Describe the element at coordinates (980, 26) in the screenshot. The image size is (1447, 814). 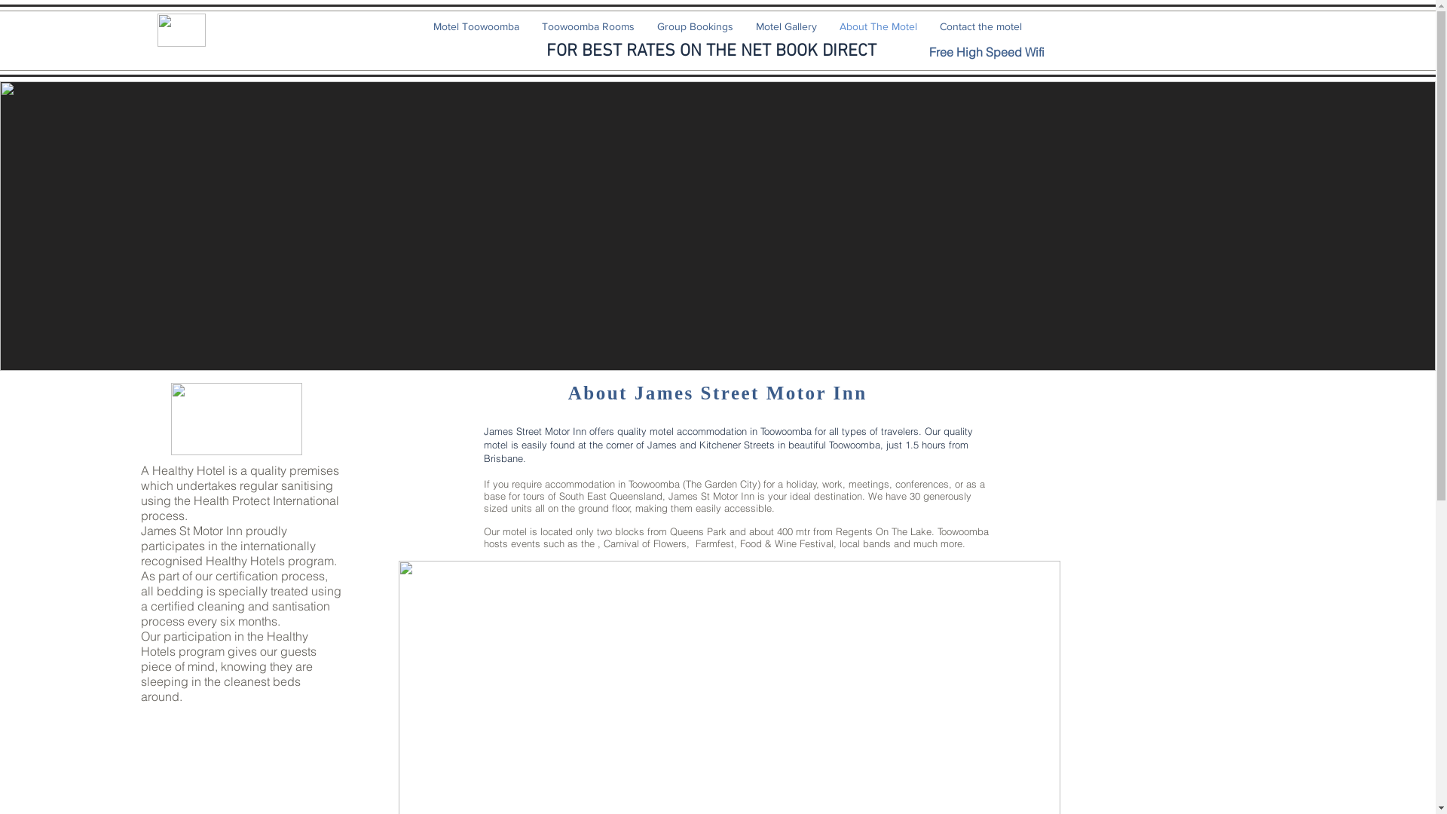
I see `'Contact the motel'` at that location.